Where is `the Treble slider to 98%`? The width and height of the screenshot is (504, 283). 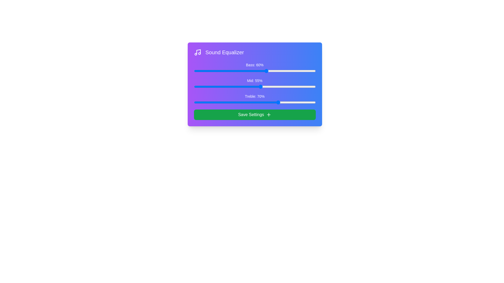
the Treble slider to 98% is located at coordinates (313, 102).